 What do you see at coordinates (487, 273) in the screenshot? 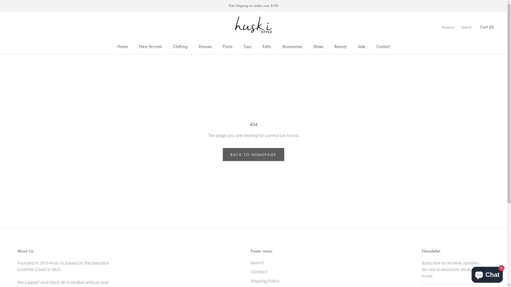
I see `'Shopify online store chat'` at bounding box center [487, 273].